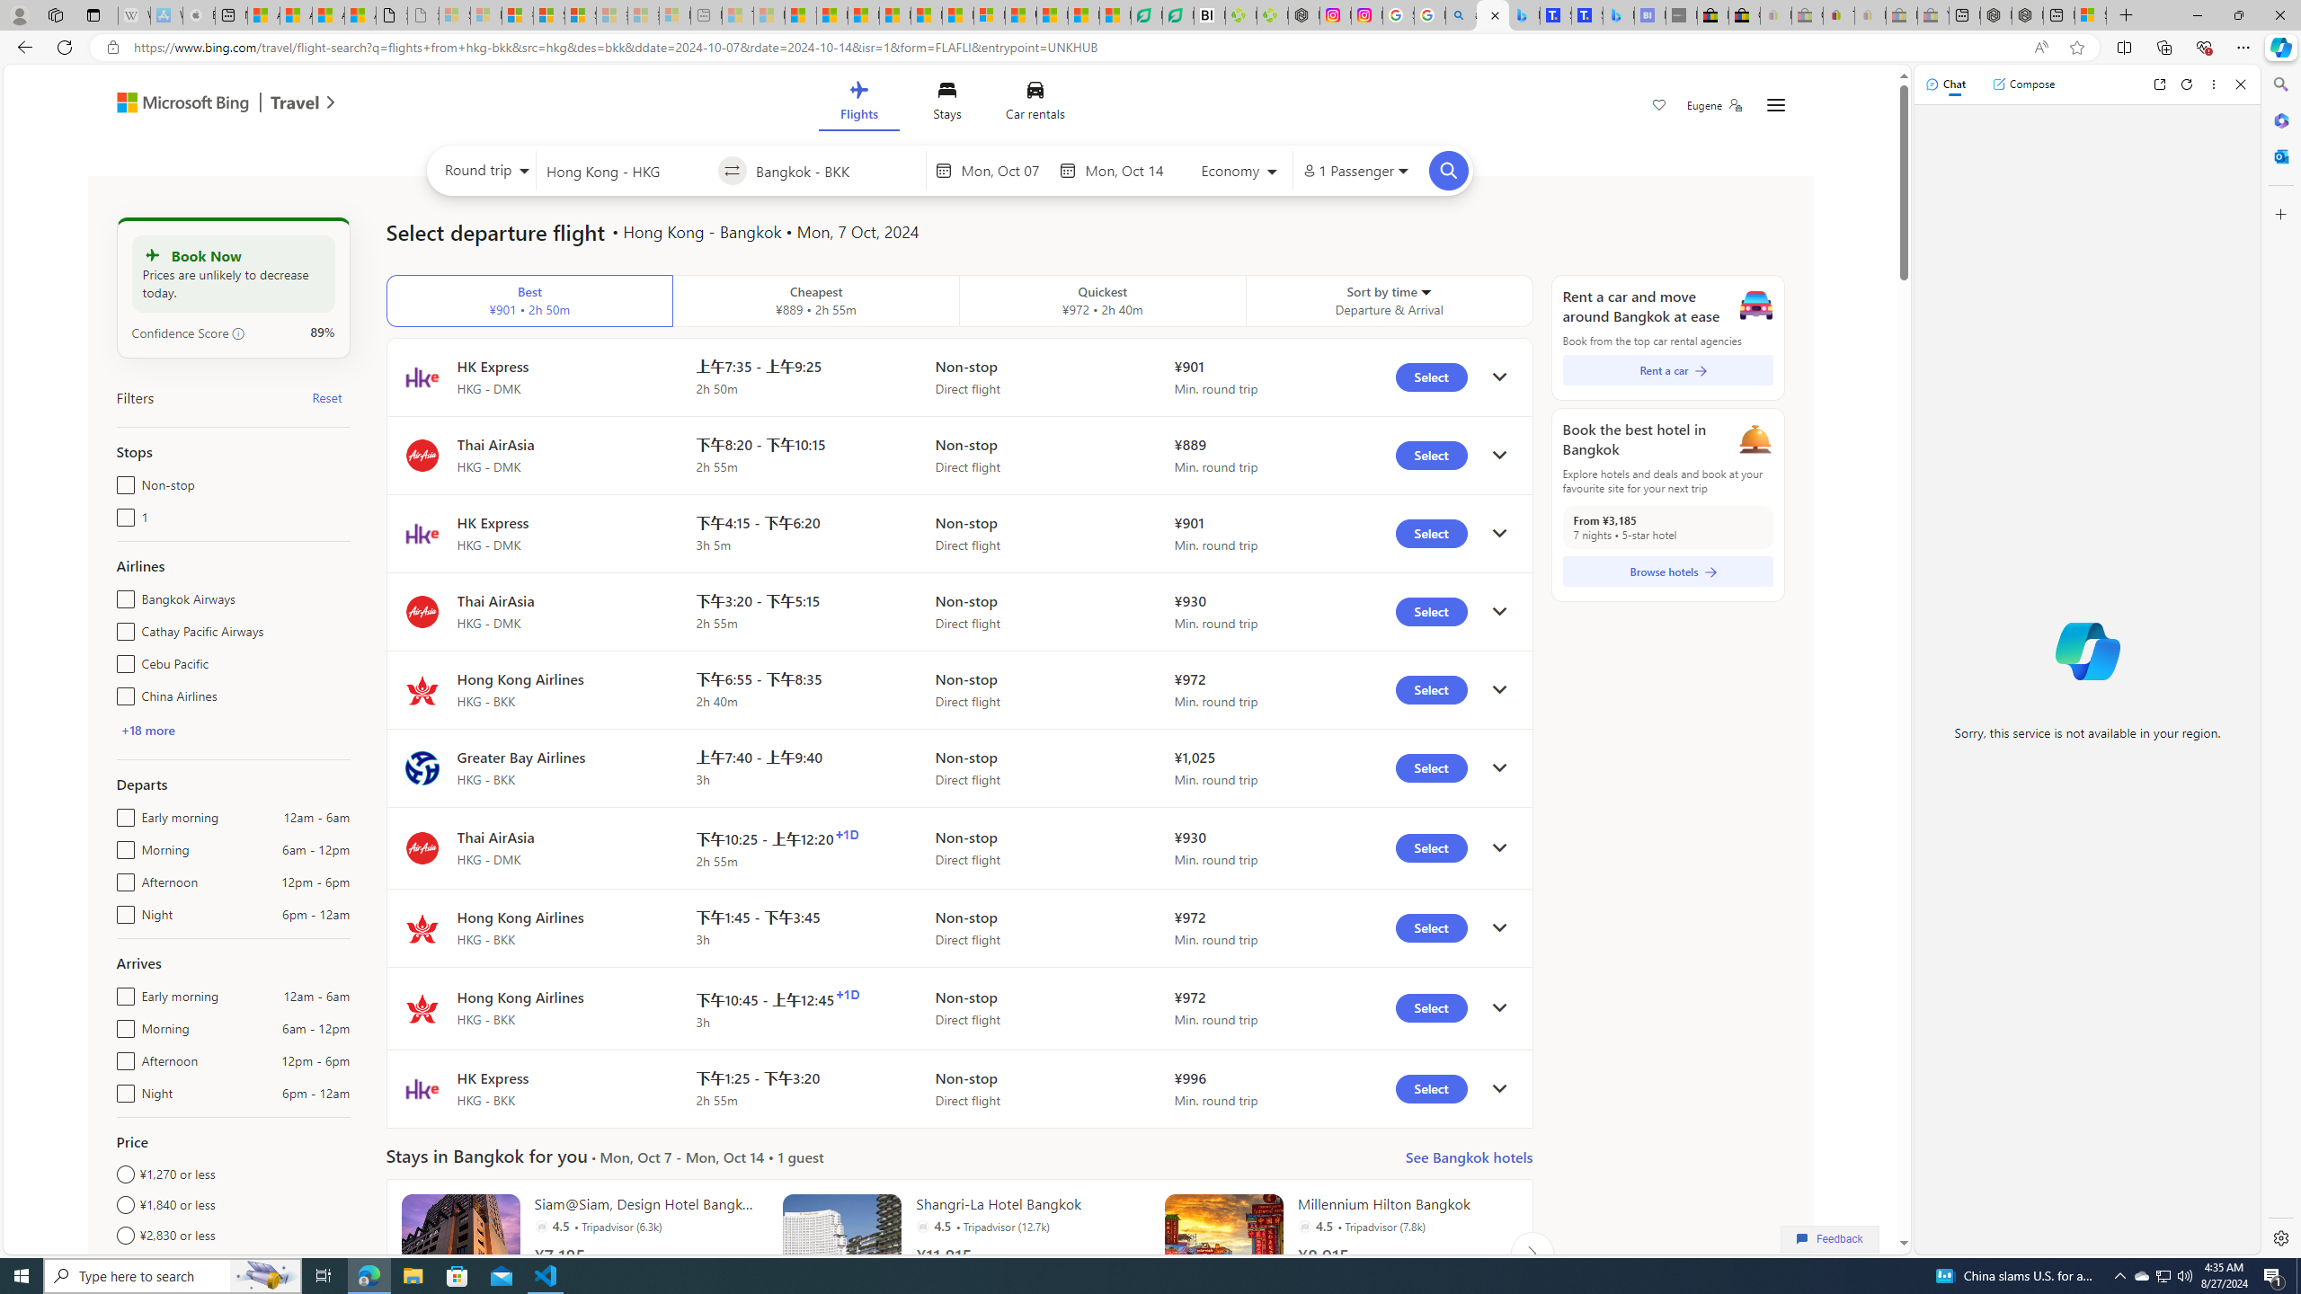  What do you see at coordinates (674, 14) in the screenshot?
I see `'Microsoft account | Account Checkup - Sleeping'` at bounding box center [674, 14].